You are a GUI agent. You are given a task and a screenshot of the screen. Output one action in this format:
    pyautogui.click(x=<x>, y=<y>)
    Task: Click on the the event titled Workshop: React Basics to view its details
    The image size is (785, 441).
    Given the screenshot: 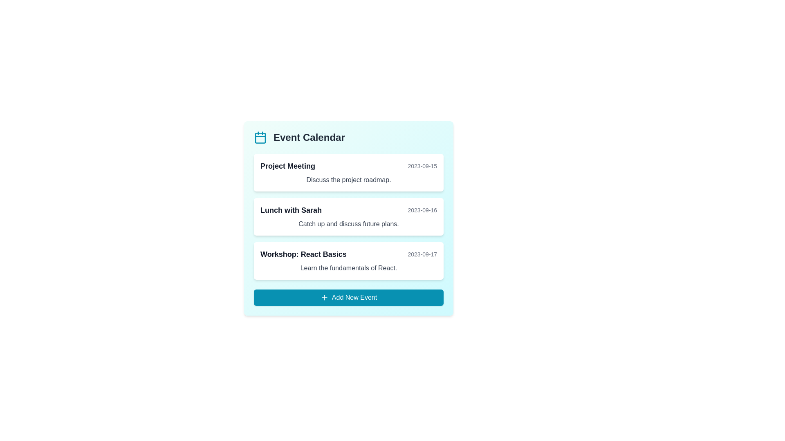 What is the action you would take?
    pyautogui.click(x=349, y=261)
    